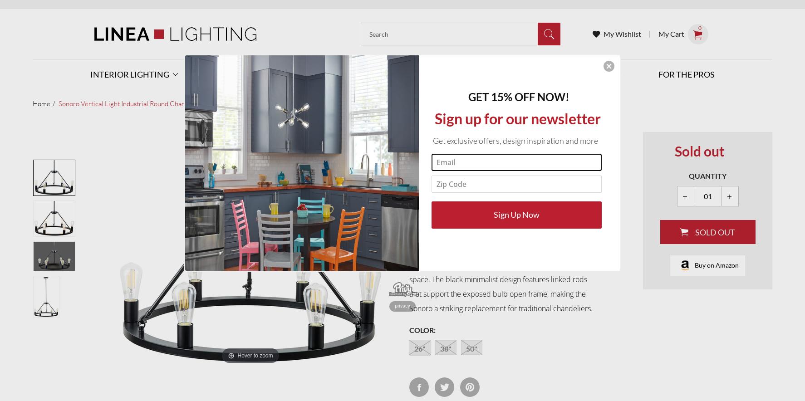 The height and width of the screenshot is (401, 805). What do you see at coordinates (348, 324) in the screenshot?
I see `'Lucera'` at bounding box center [348, 324].